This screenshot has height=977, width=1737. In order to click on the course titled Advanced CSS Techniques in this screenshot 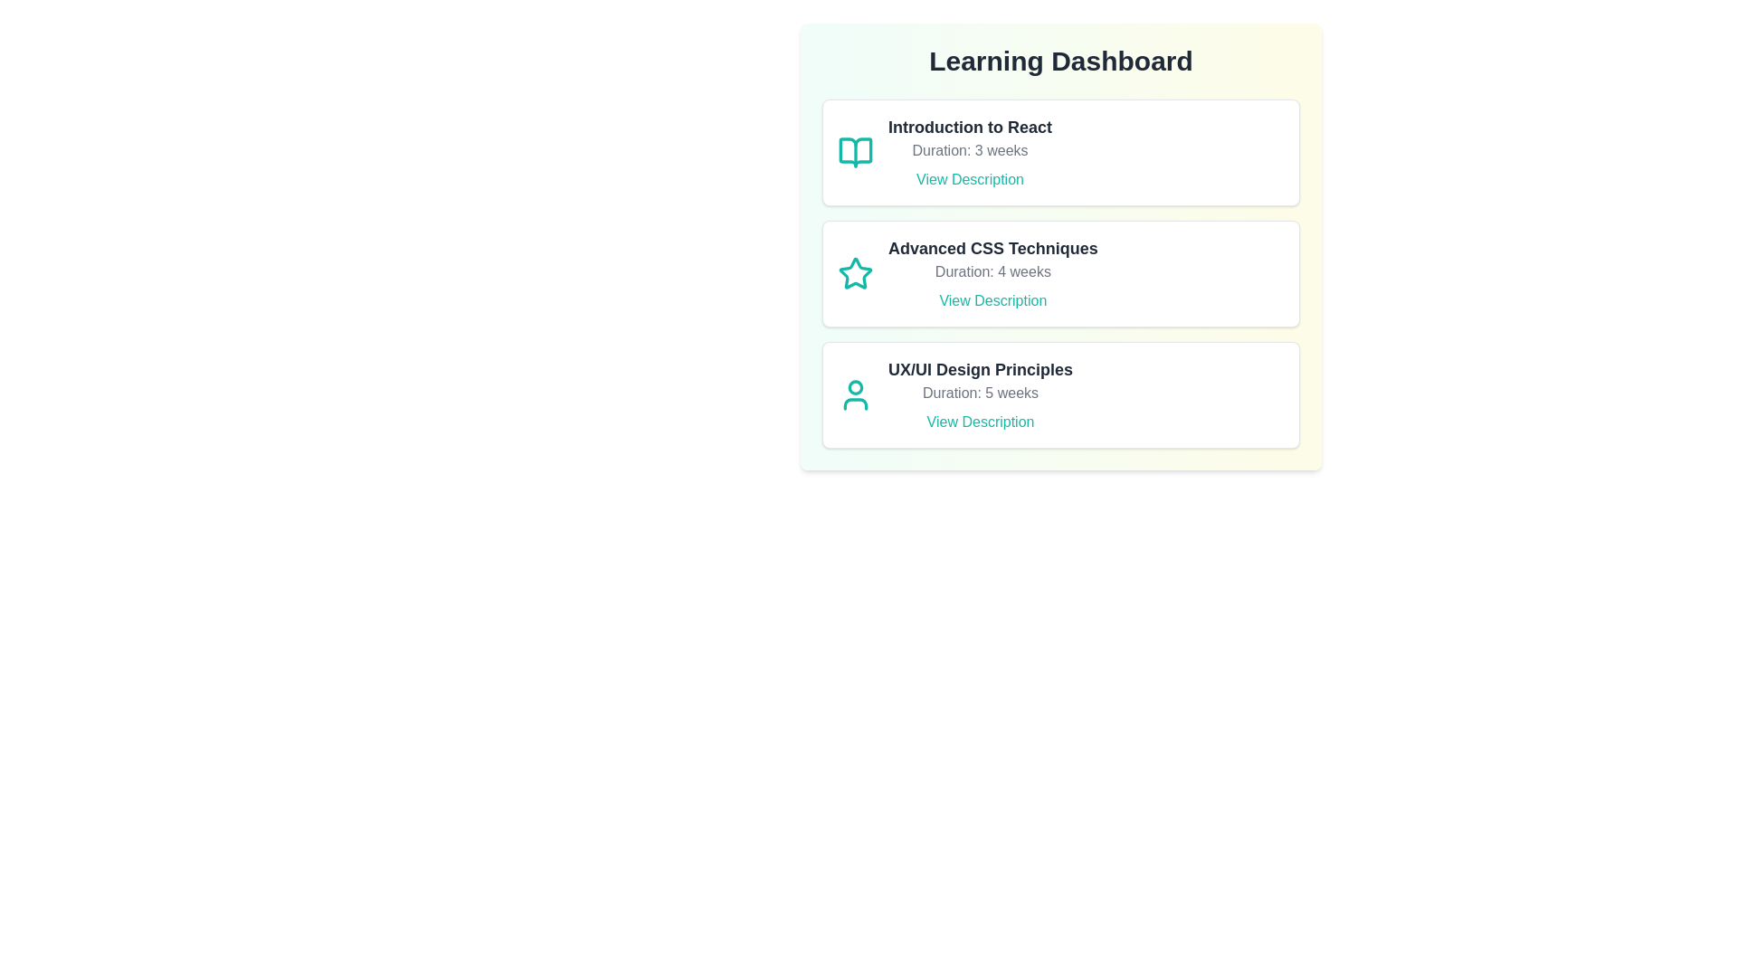, I will do `click(1060, 274)`.